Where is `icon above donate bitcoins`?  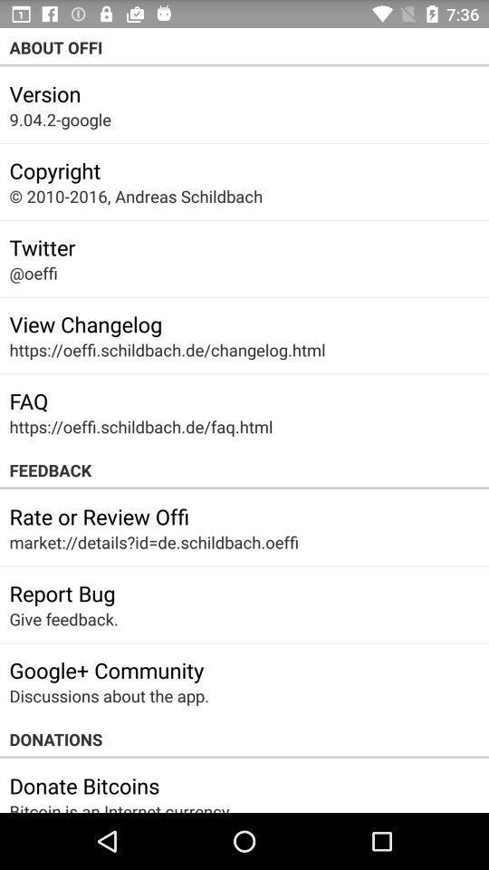 icon above donate bitcoins is located at coordinates (244, 739).